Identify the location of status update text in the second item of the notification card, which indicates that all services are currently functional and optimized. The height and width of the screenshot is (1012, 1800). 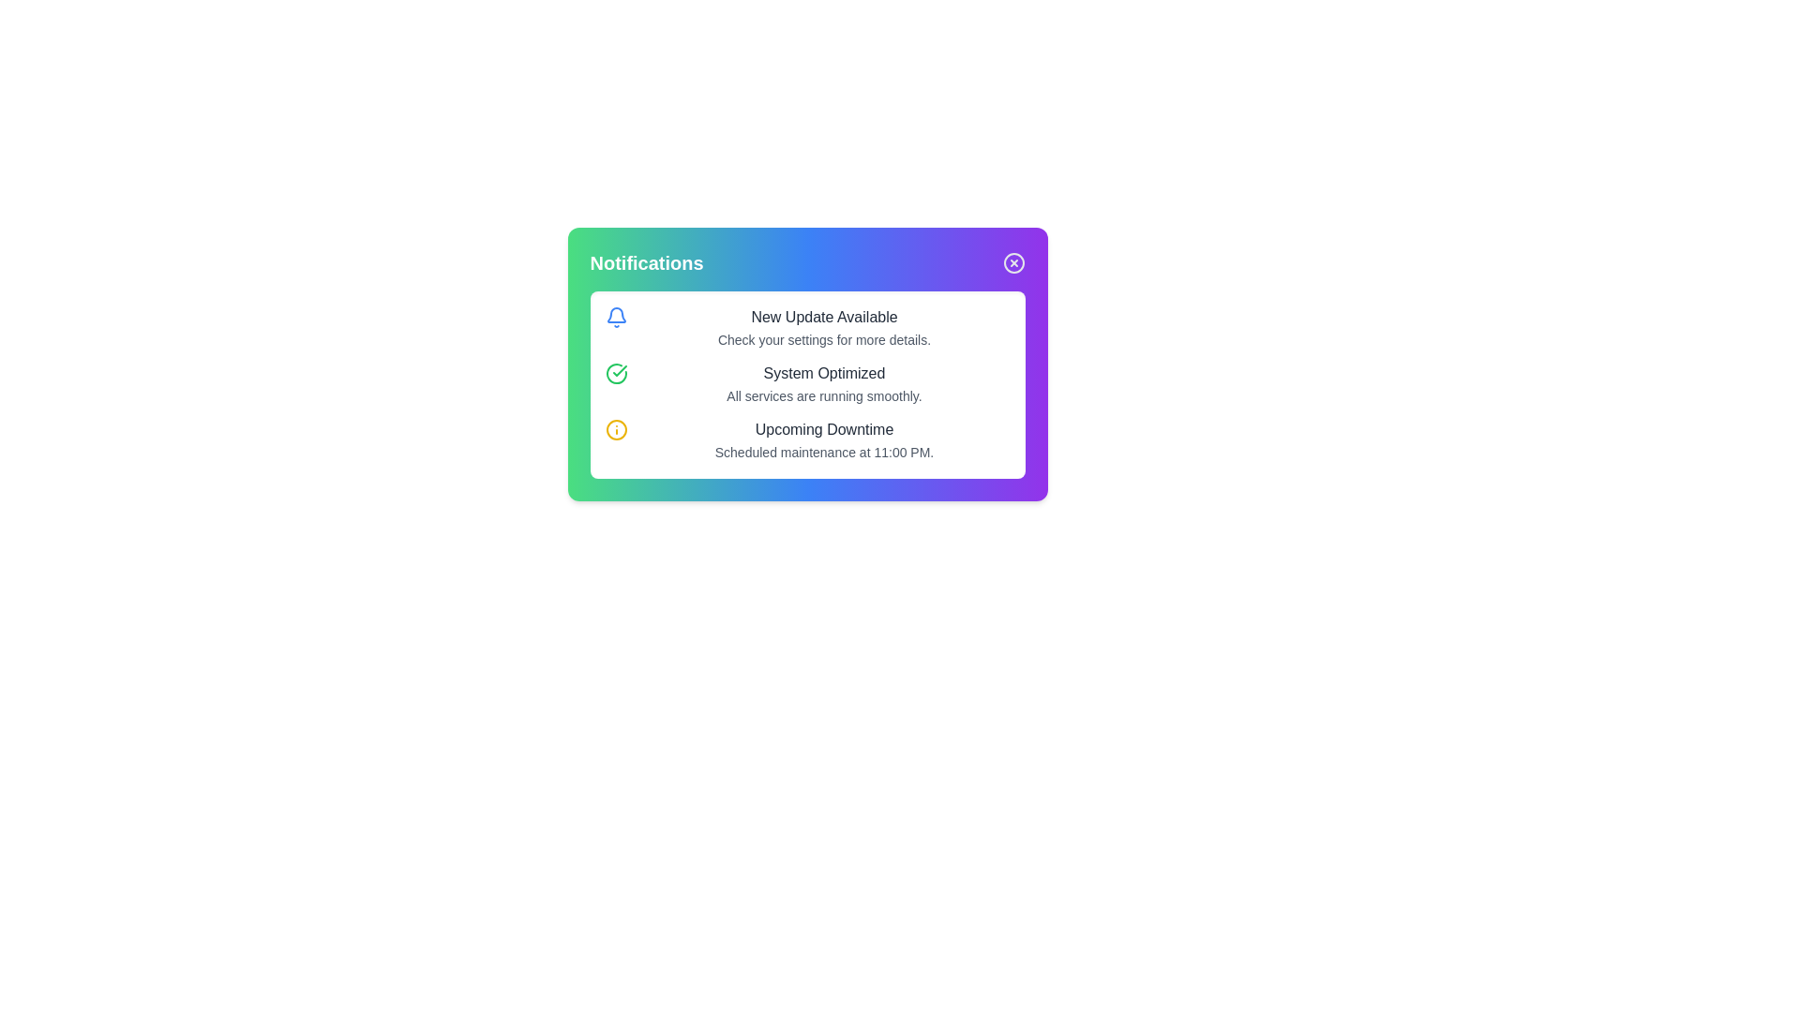
(824, 384).